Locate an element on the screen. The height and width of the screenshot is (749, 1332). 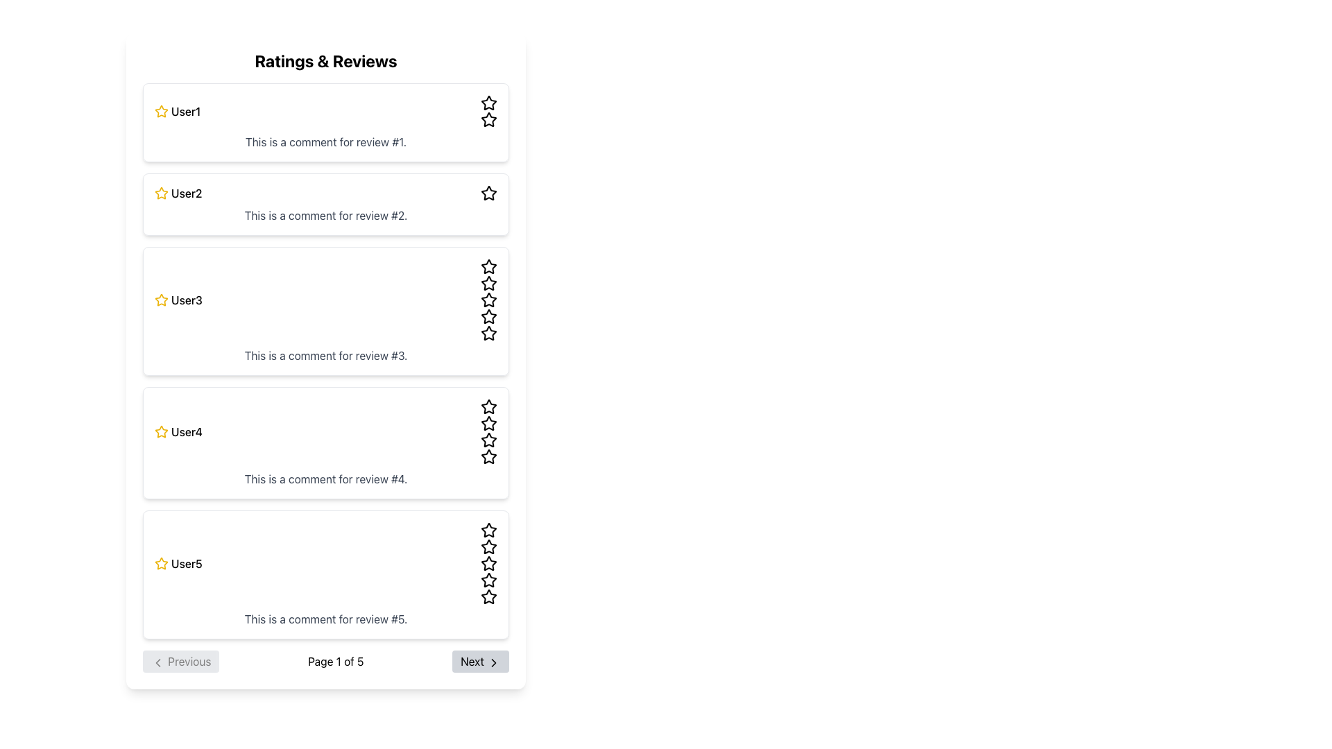
the third star in the rating row of the third review card to indicate a rating is located at coordinates (489, 266).